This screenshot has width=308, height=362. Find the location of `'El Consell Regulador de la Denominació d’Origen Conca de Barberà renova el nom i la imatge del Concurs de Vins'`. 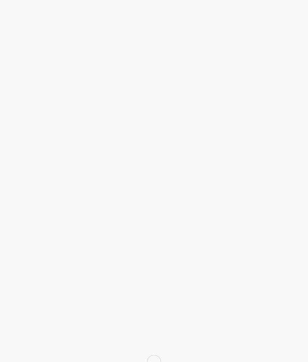

'El Consell Regulador de la Denominació d’Origen Conca de Barberà renova el nom i la imatge del Concurs de Vins' is located at coordinates (151, 292).